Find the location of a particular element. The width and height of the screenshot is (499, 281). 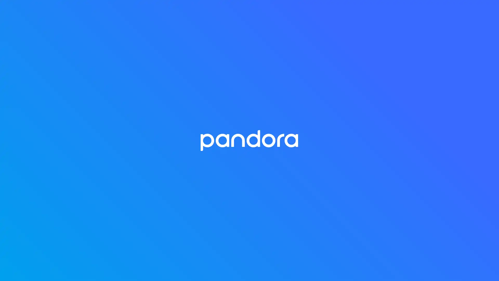

Play 7. Building Ethics Into Education 7. Building Ethics Into Education Dec 16, 2020 29:55 more ... The ongoing pandemic has forced us to take a closer look at the American education system. With many schools shuttering across the country, it has become clear that marginalized communities are less likely to receive safe, in-person education than historically privileged groups. Should schools reopen if it means exacerbating these already wide socioeconomic inequalities? The field of educational ethics  developed by Professor Meira Levinson from the Harvard Graduate School of Education  can help educators and policymakers answer moral quandaries like this one. In this episode of The Veritas Lab, Professor Levinson introduces educational ethics and its potential to remedy long-standing issues of injustice. Presented by the Harvard Crimson. Hosted by Katelyn Li and Sanjana Narayanan. Produced by Amanda Su. Podcast art by Margot Shang. is located at coordinates (334, 146).